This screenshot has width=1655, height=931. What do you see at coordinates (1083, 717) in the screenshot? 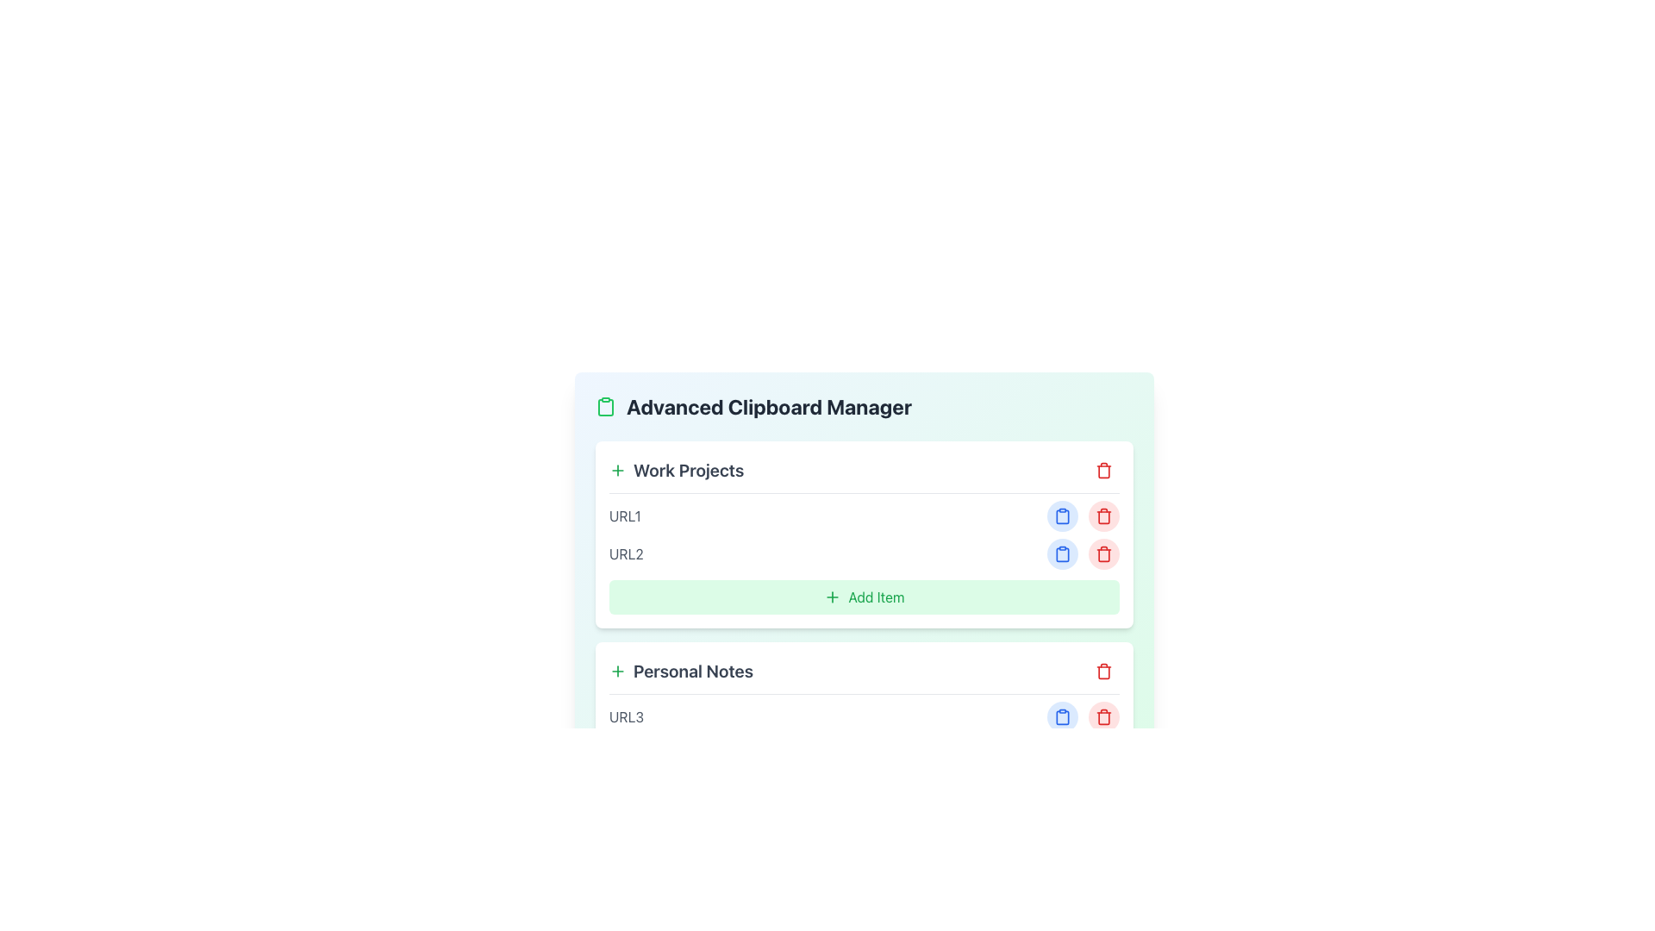
I see `the 'Copy' button, which is the blue circular button labeled 'Copy' in the group of interactive buttons associated with 'URL3' in the 'Personal Notes' section` at bounding box center [1083, 717].